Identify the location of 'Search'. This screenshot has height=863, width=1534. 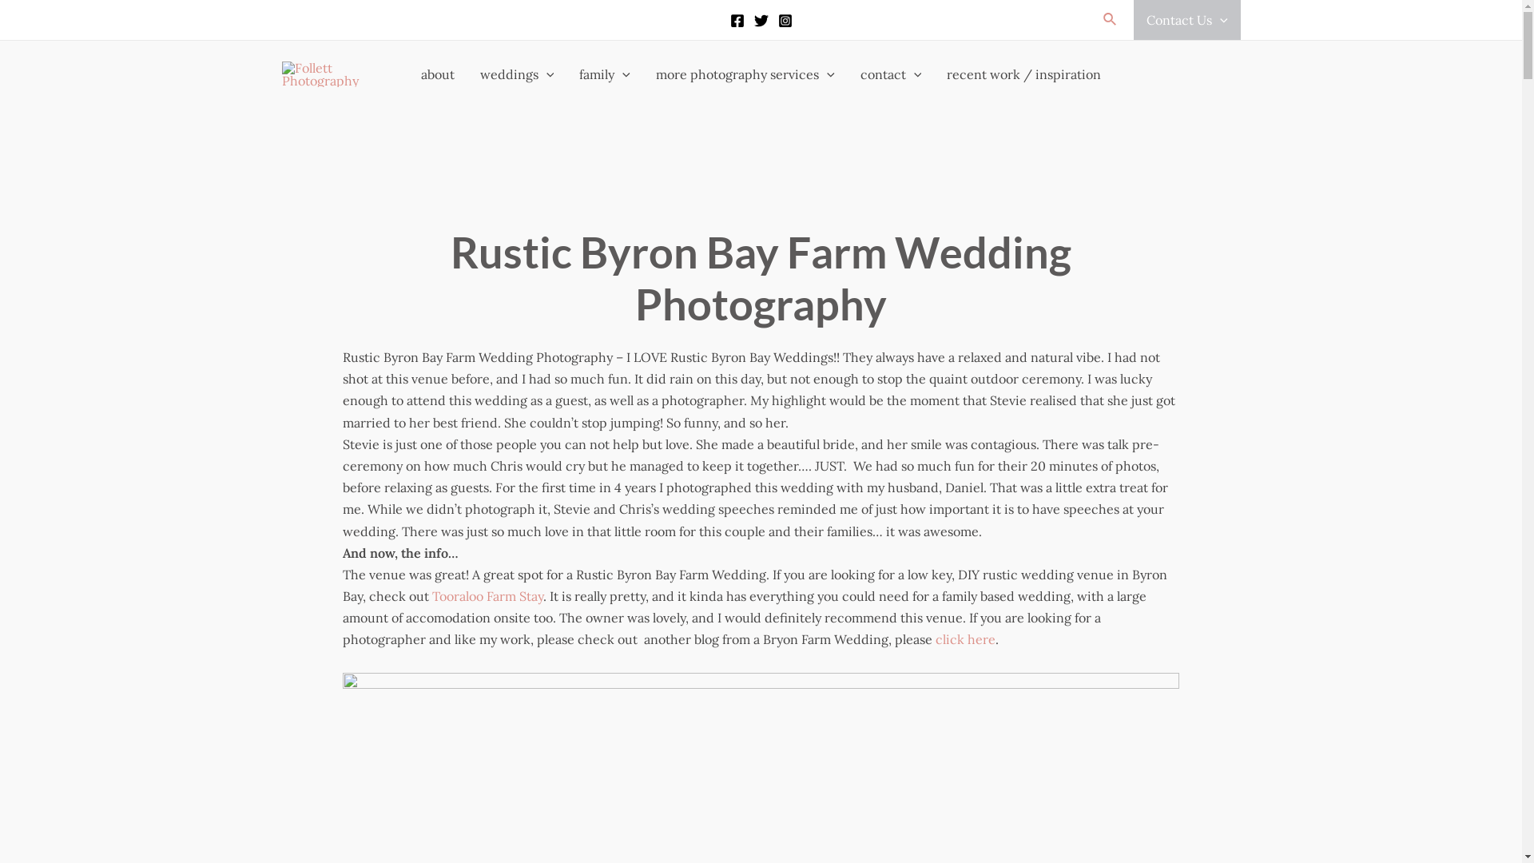
(1110, 19).